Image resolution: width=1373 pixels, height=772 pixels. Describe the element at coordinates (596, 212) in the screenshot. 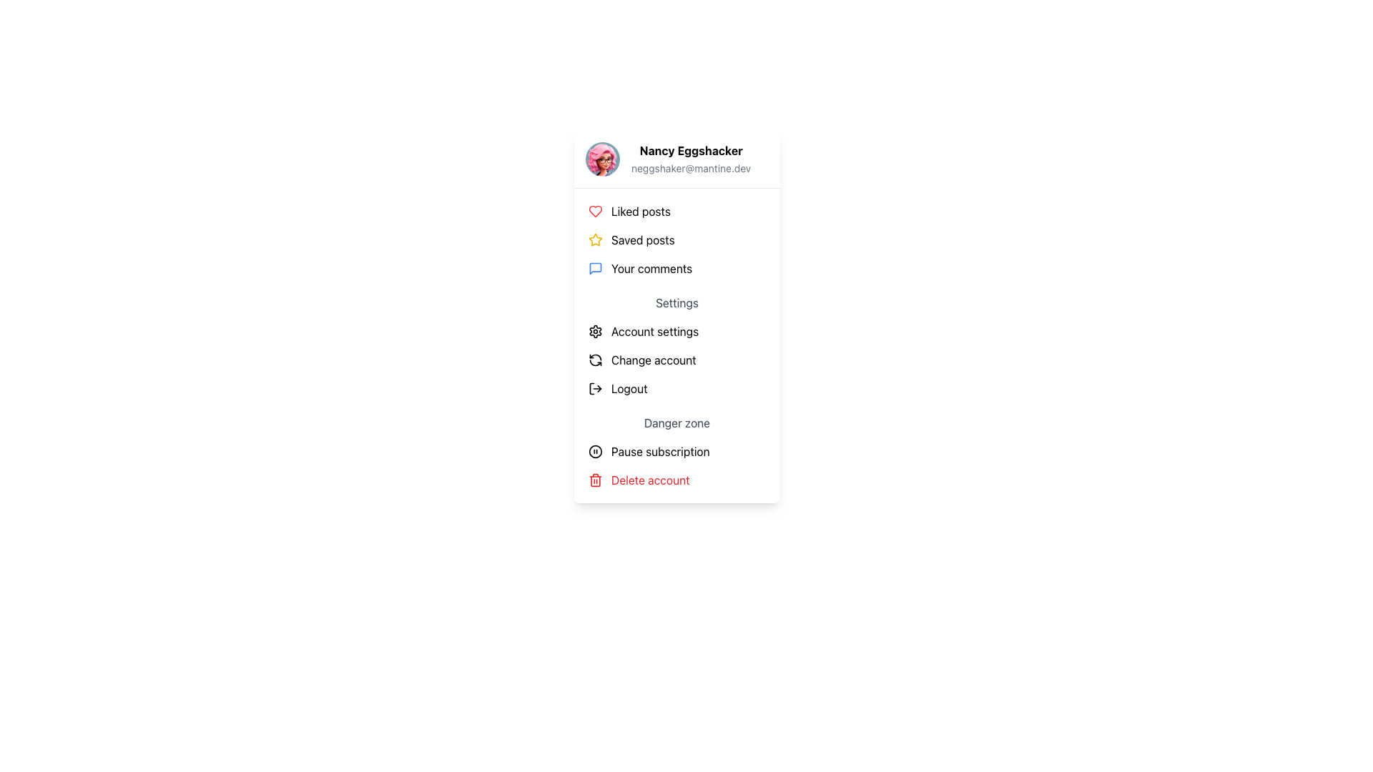

I see `the red heart icon representing likes, located to the left of the 'Liked posts' text in the dropdown menu` at that location.